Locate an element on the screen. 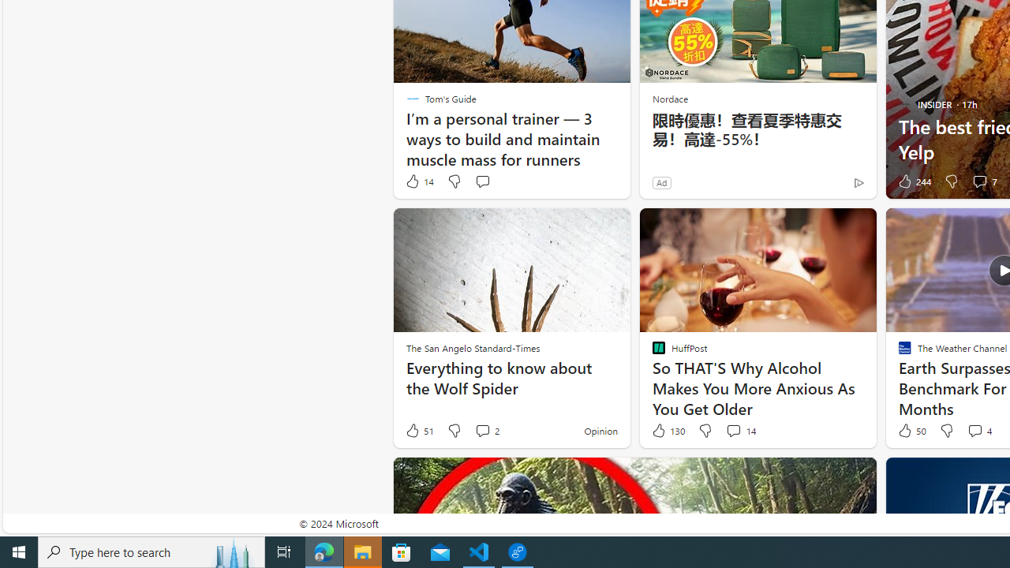 This screenshot has height=568, width=1010. 'View comments 7 Comment' is located at coordinates (978, 181).